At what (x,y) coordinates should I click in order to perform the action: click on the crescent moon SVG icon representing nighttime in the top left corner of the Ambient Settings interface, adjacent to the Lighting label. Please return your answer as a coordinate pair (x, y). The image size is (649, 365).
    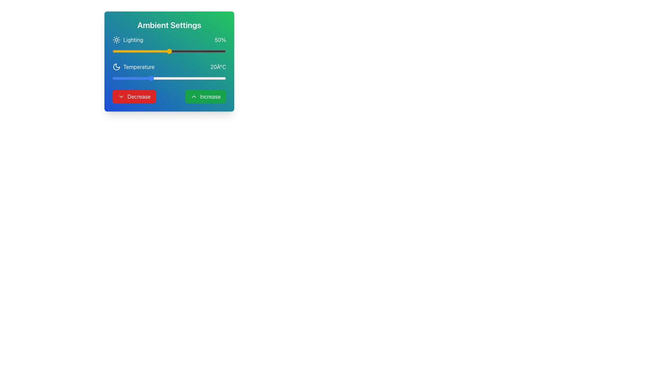
    Looking at the image, I should click on (117, 67).